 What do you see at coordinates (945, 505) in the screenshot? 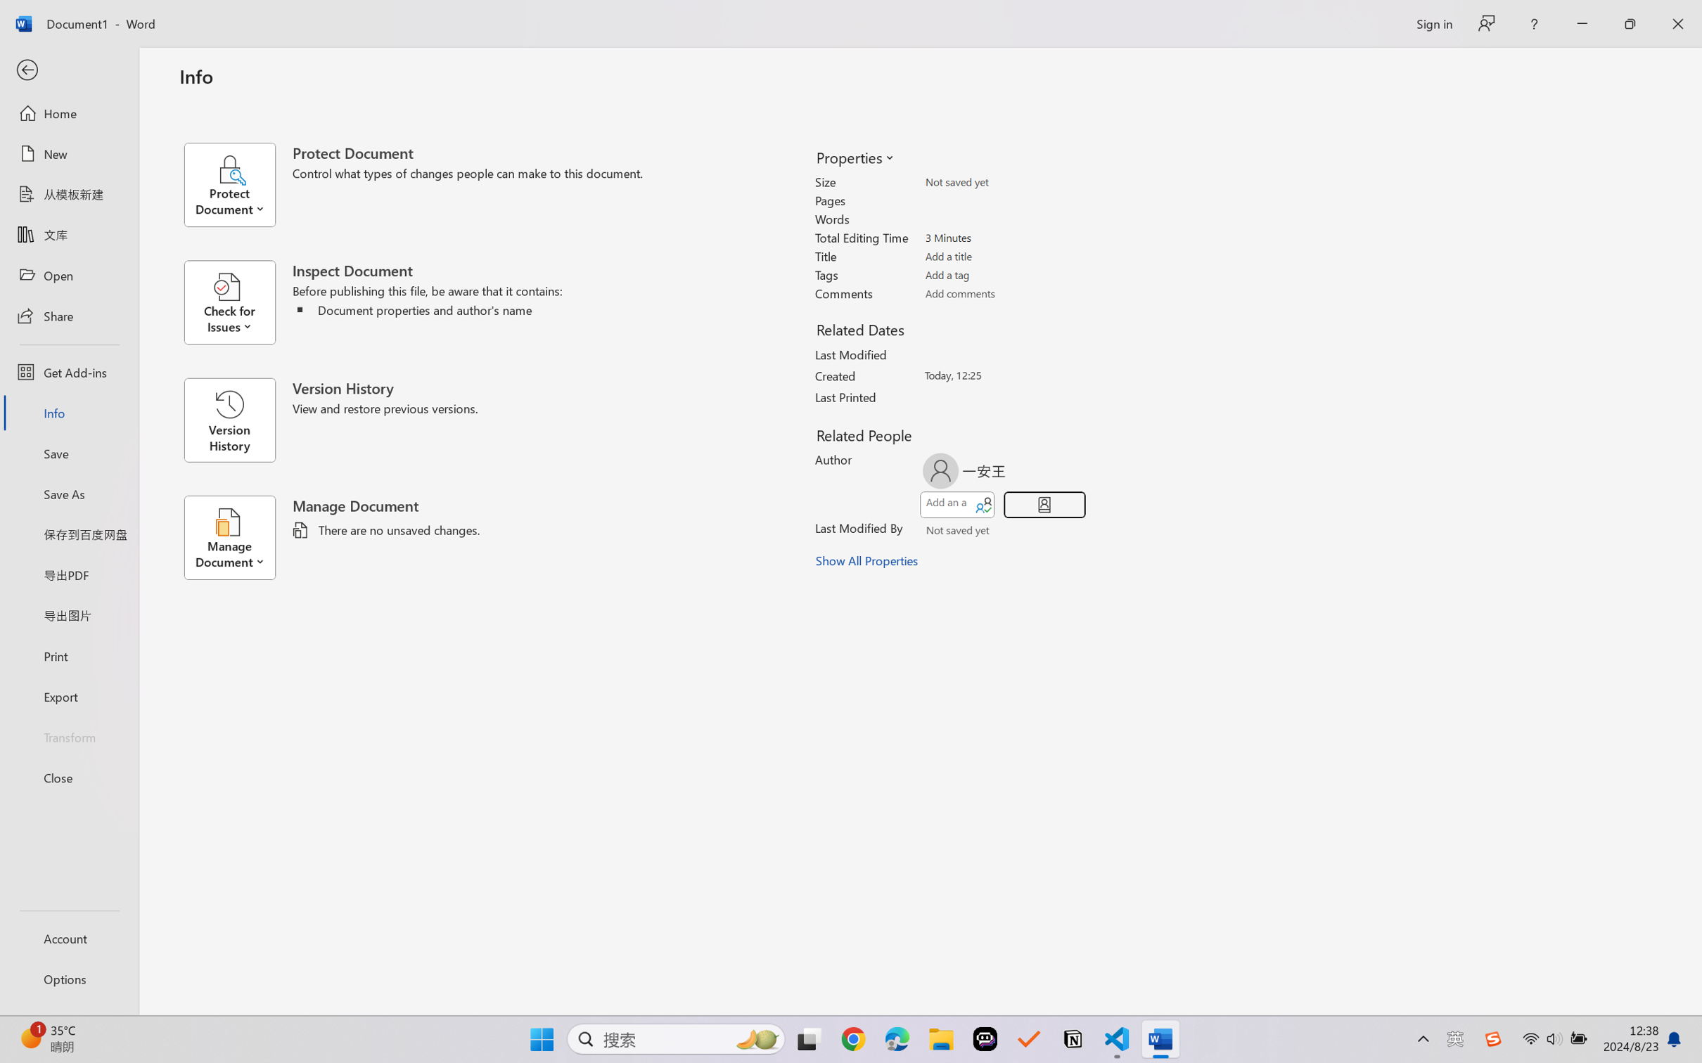
I see `'Add an author'` at bounding box center [945, 505].